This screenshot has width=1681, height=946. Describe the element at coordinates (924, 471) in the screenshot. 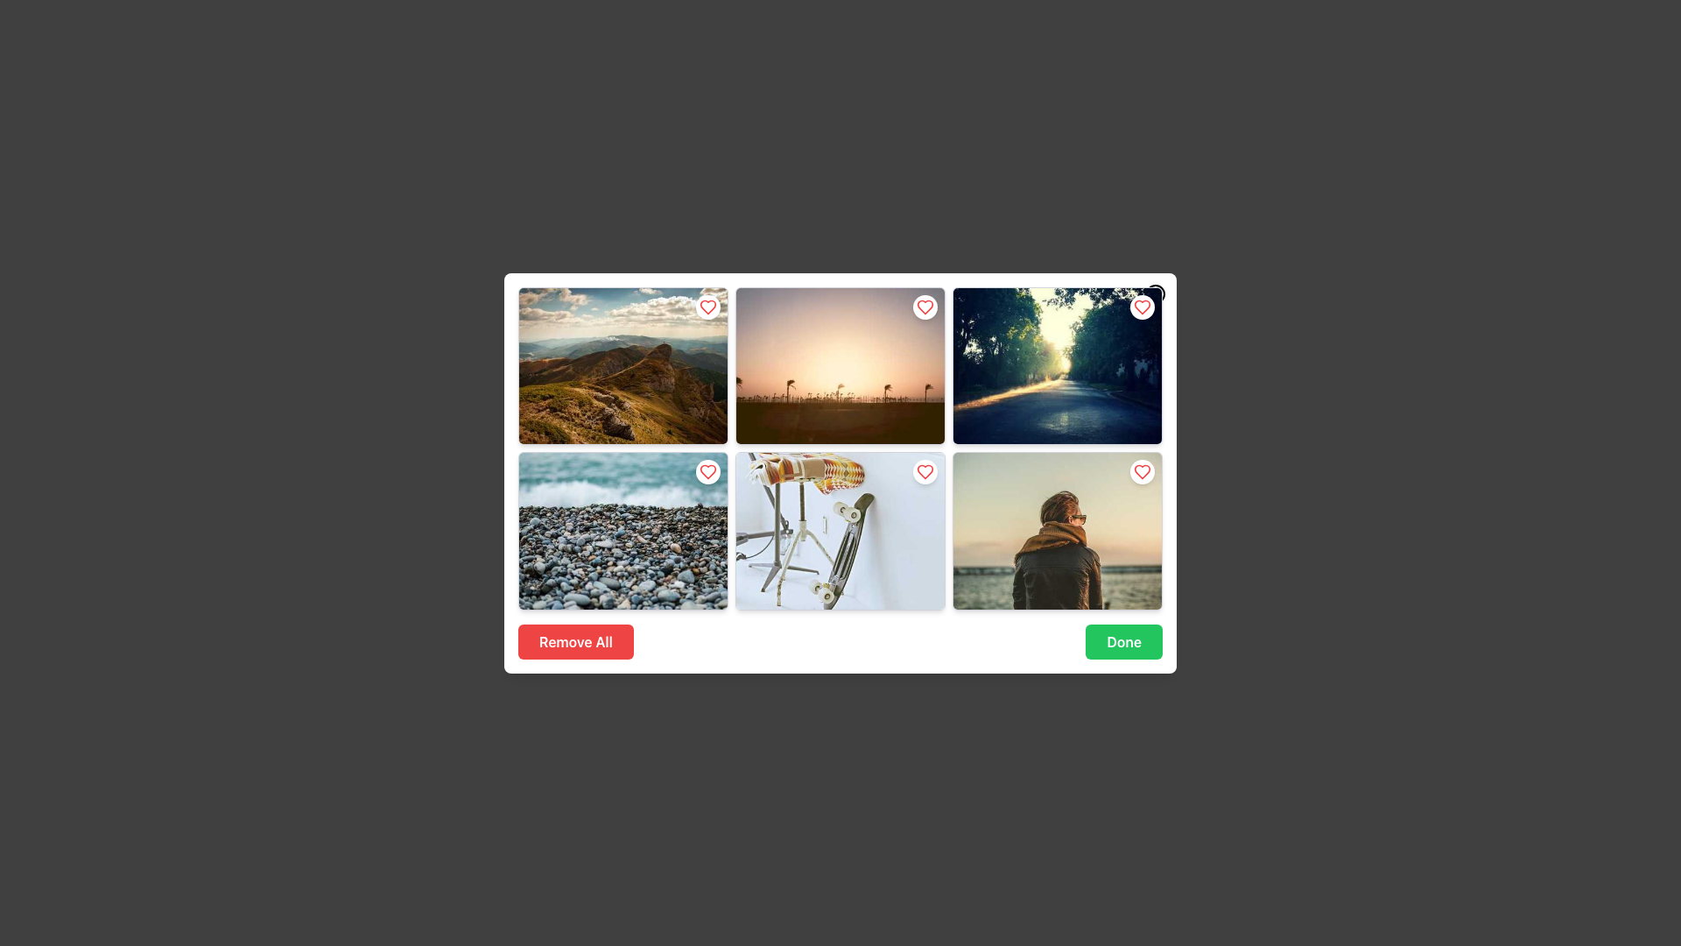

I see `the heart-shaped Favorite or like button located in the top-right corner of the fourth image in a 2x3 grid layout` at that location.